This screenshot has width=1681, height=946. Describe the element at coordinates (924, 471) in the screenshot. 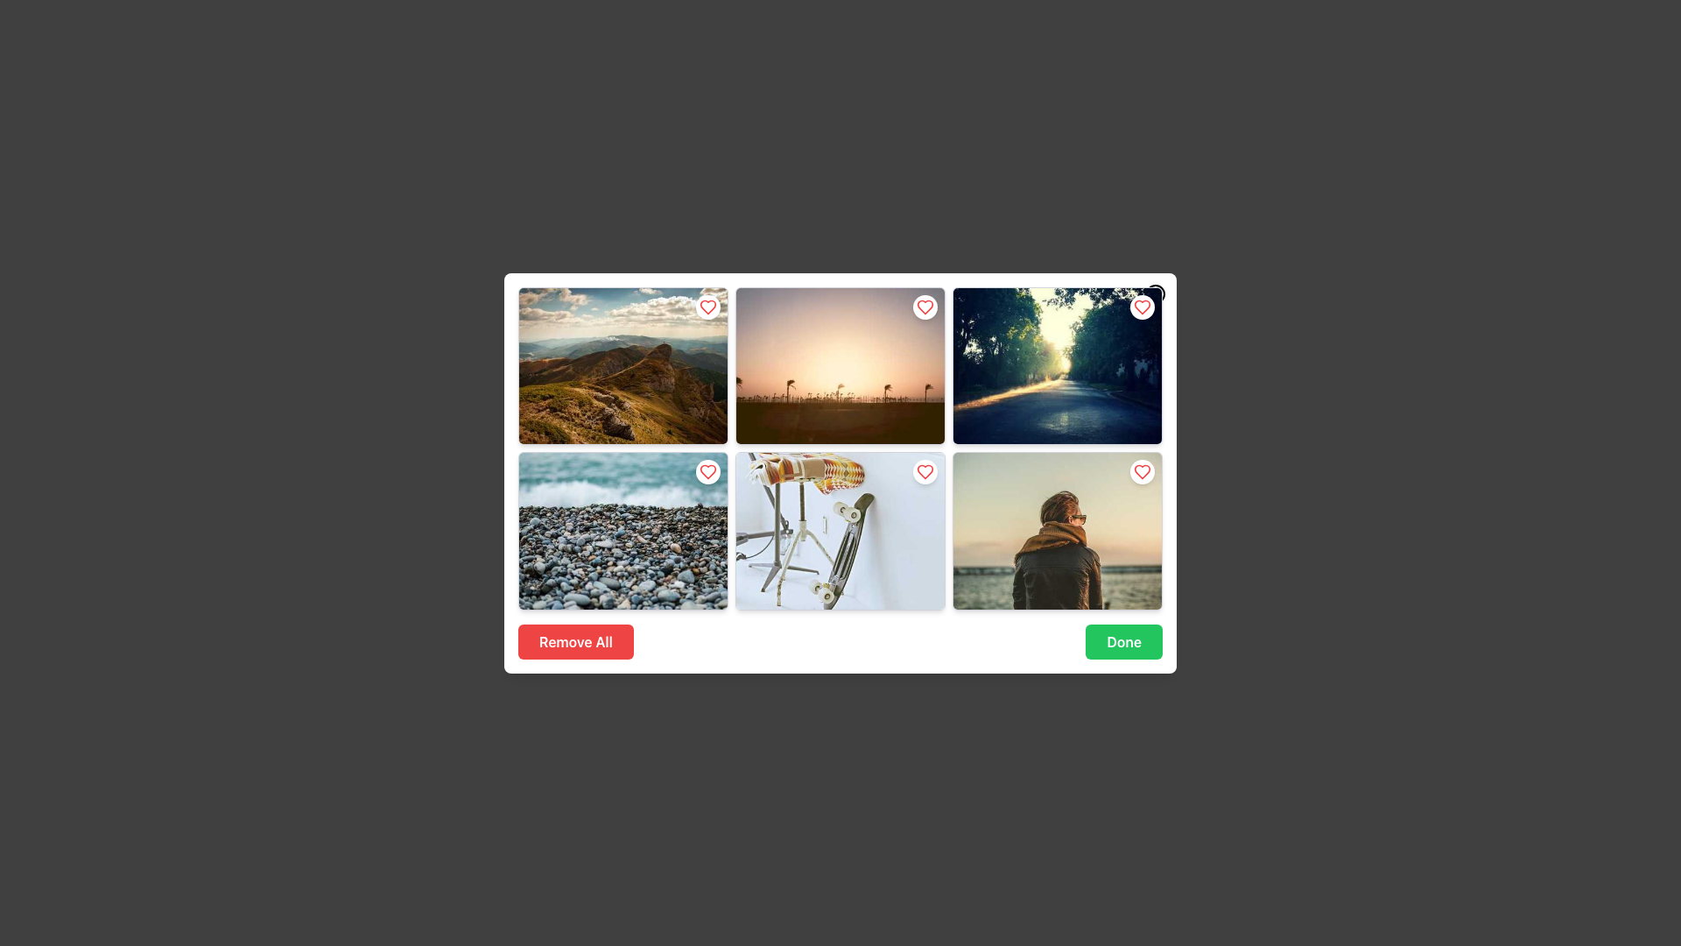

I see `the heart-shaped Favorite or like button located in the top-right corner of the fourth image in a 2x3 grid layout` at that location.